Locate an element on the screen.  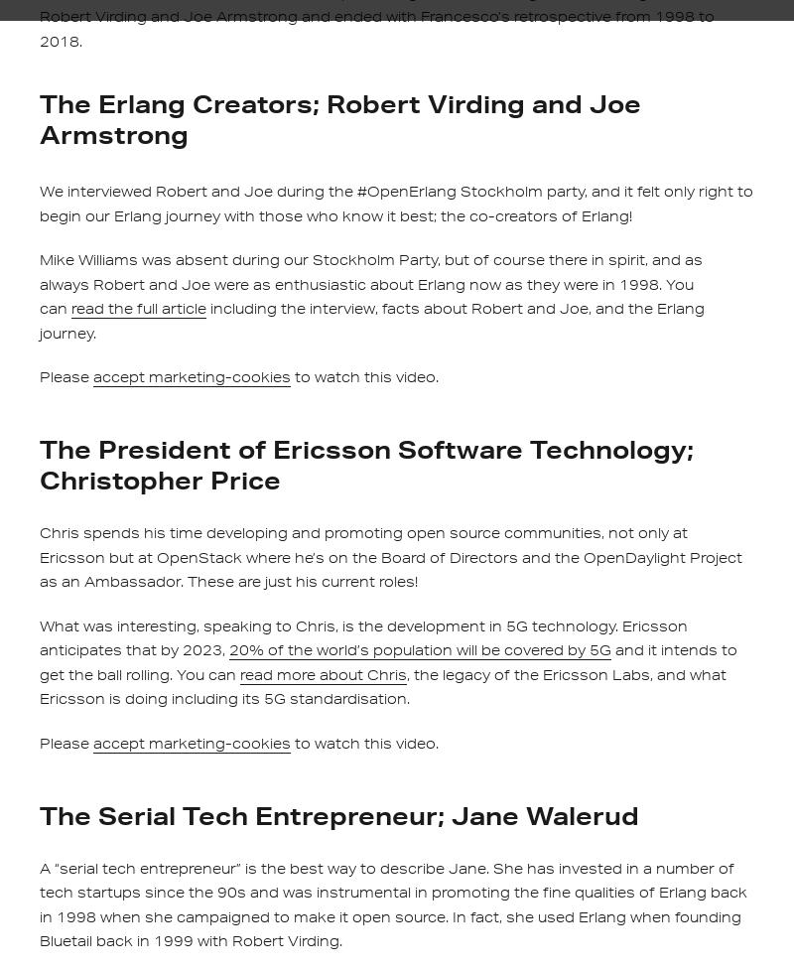
'The Erlang Creators; Robert Virding and Joe Armstrong' is located at coordinates (340, 118).